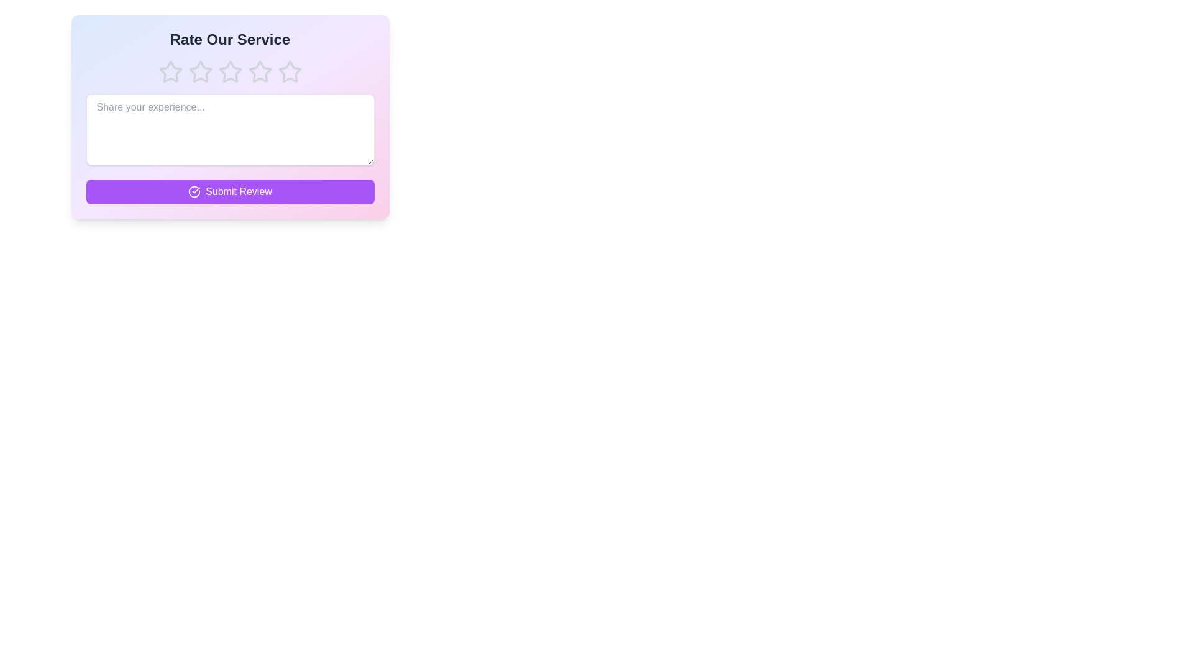 The height and width of the screenshot is (671, 1193). Describe the element at coordinates (289, 71) in the screenshot. I see `the star corresponding to 5 to preview the rating` at that location.